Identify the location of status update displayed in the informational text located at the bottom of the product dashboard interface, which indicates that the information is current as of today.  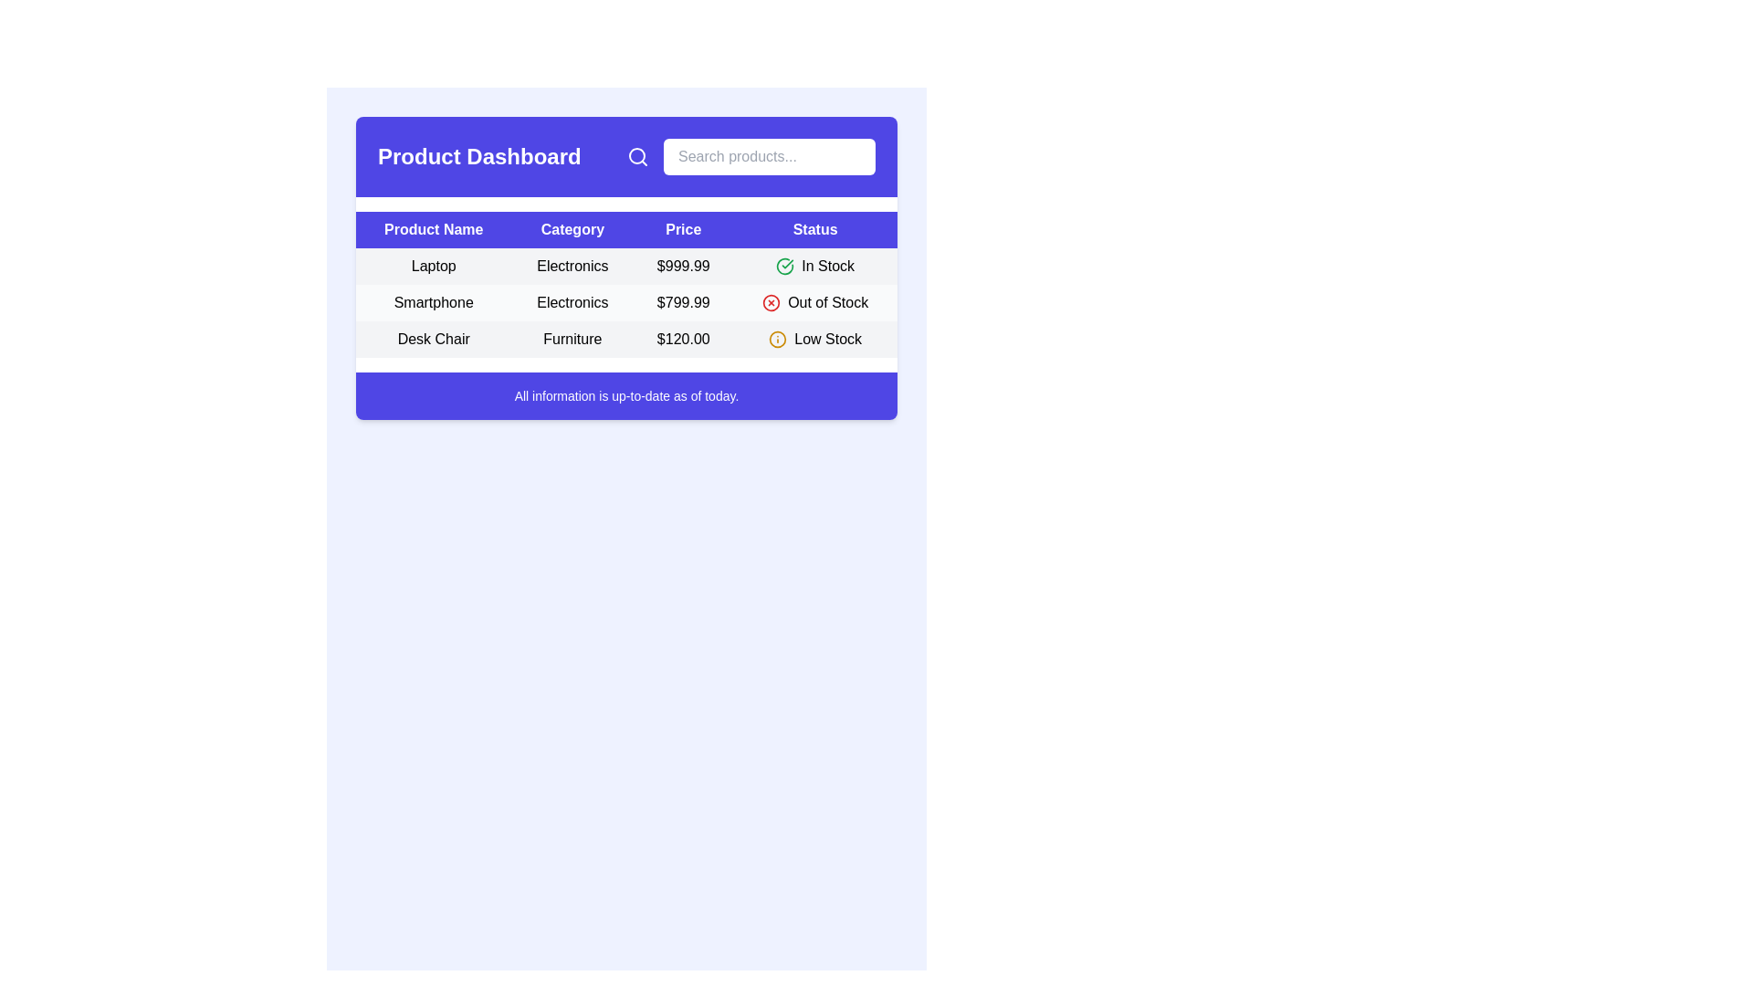
(626, 395).